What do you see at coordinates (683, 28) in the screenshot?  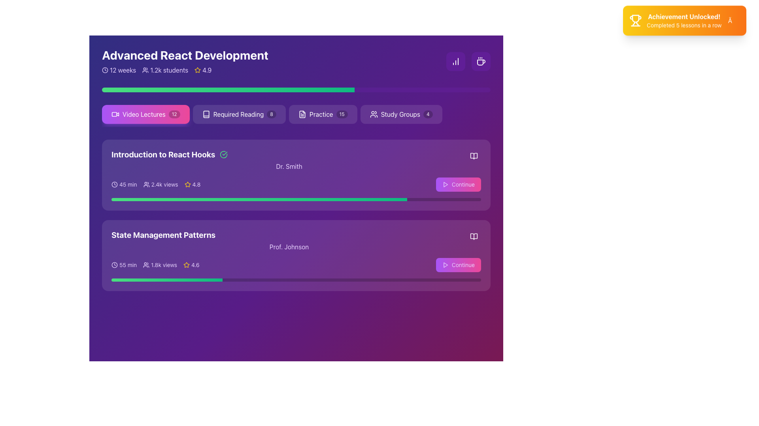 I see `the text label that reads 'Completed 5 lessons in a row', which is styled in a smaller font and located directly below the 'Achievement Unlocked!' header in the highlighted notification box` at bounding box center [683, 28].